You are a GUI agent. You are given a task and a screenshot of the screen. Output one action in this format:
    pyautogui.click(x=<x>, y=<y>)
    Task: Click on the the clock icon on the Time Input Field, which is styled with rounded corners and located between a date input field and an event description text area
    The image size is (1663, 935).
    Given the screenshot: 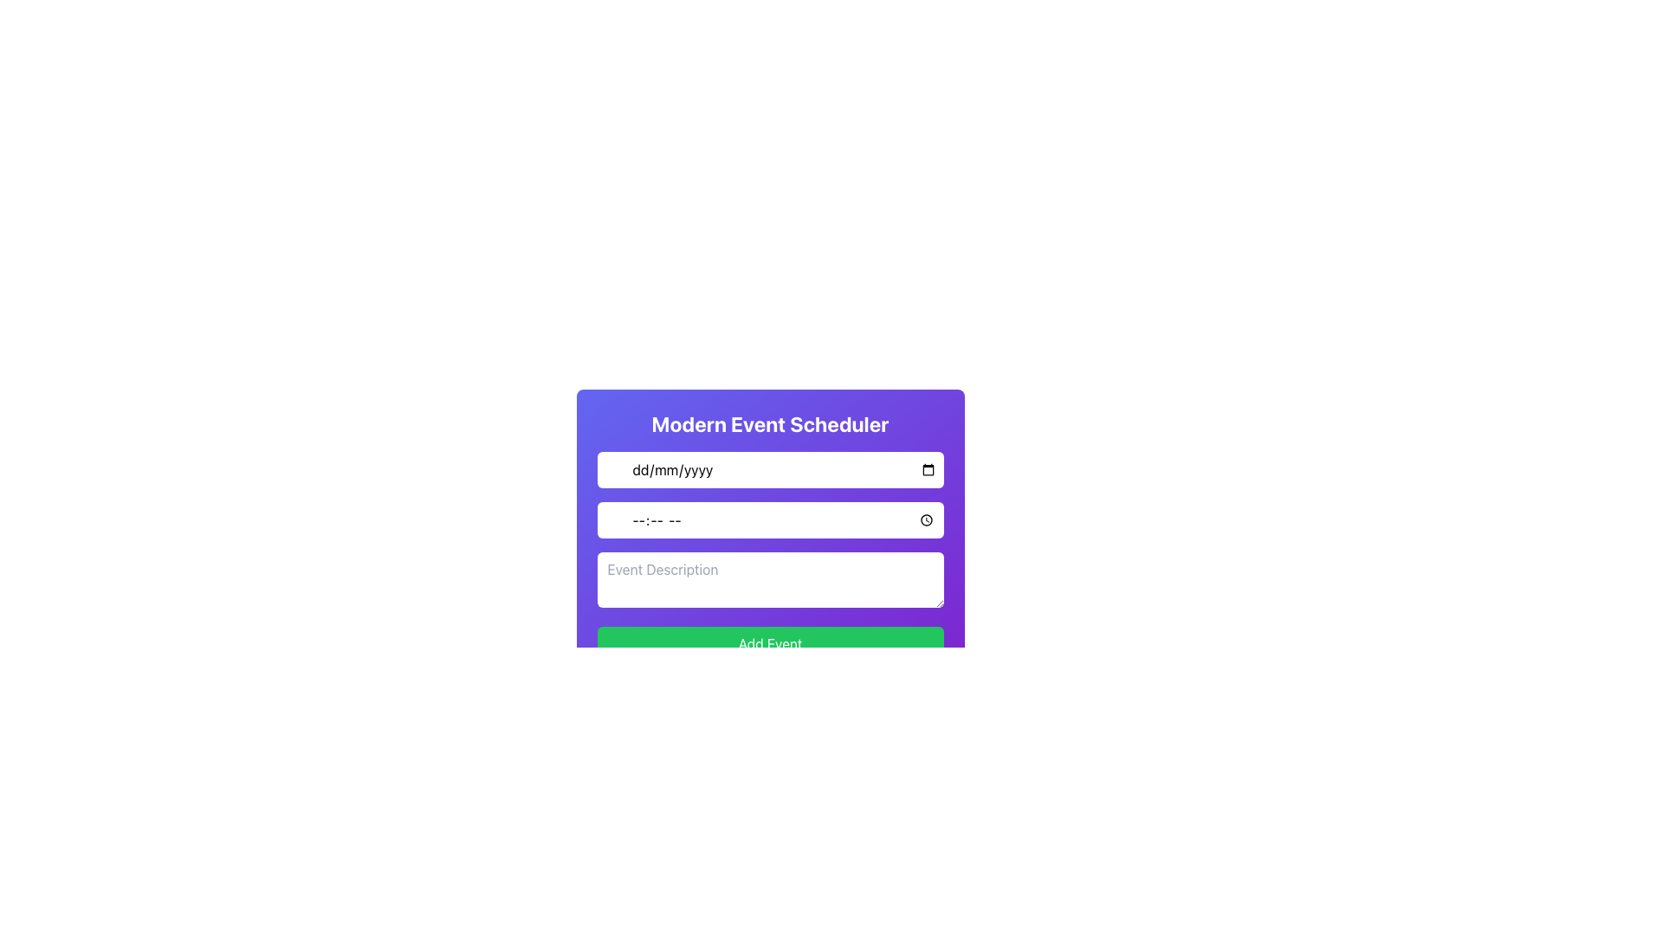 What is the action you would take?
    pyautogui.click(x=769, y=519)
    